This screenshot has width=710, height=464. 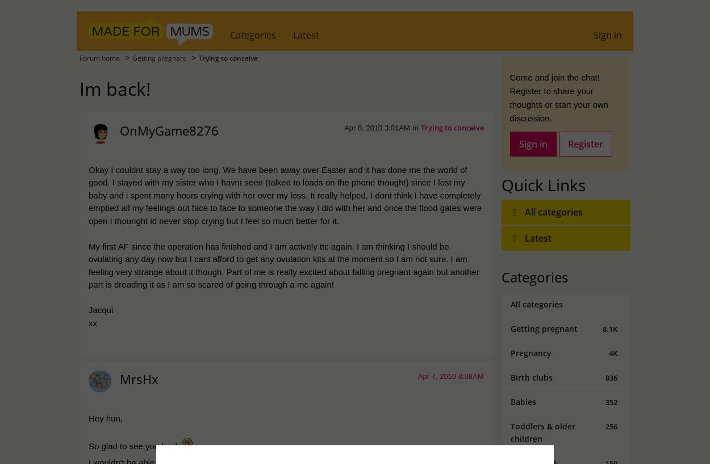 I want to click on 'OnMyGame8276', so click(x=169, y=130).